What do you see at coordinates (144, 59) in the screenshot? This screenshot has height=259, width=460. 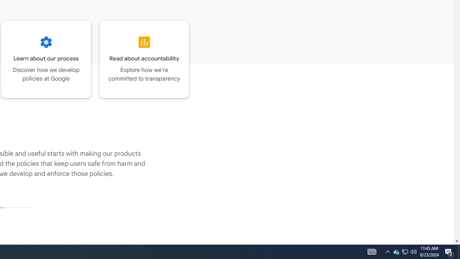 I see `'Go to the Accountability page'` at bounding box center [144, 59].